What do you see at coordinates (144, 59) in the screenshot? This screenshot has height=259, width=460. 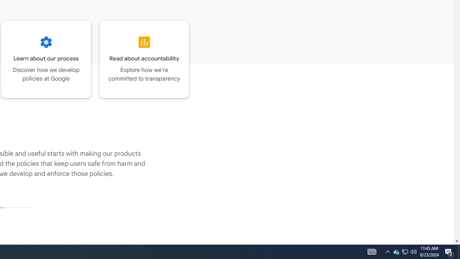 I see `'Go to the Accountability page'` at bounding box center [144, 59].